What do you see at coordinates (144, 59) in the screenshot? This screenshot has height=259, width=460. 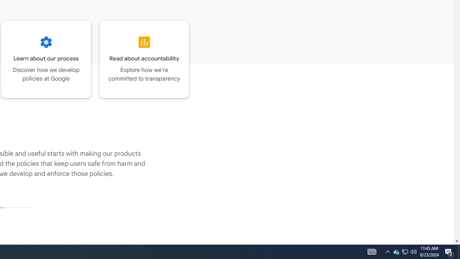 I see `'Go to the Accountability page'` at bounding box center [144, 59].